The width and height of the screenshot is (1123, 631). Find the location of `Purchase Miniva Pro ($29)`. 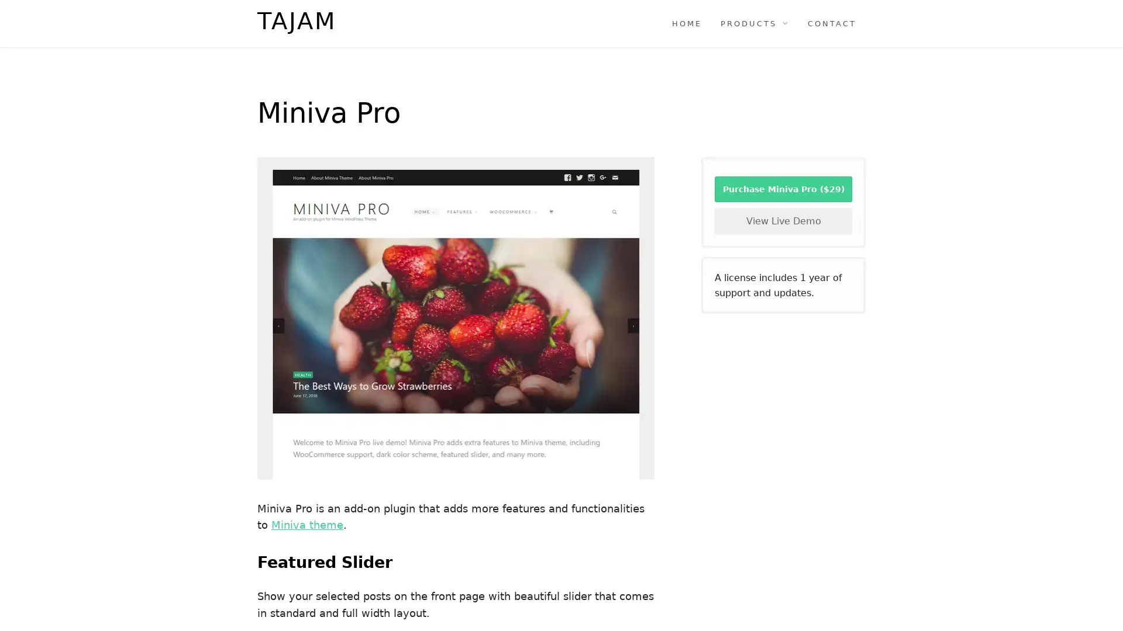

Purchase Miniva Pro ($29) is located at coordinates (783, 189).